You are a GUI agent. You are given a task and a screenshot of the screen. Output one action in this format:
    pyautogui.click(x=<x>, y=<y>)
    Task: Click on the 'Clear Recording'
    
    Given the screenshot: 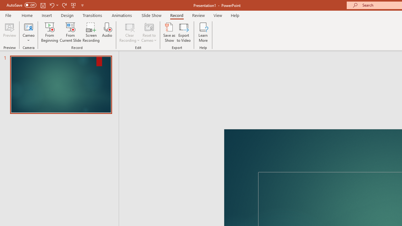 What is the action you would take?
    pyautogui.click(x=129, y=32)
    